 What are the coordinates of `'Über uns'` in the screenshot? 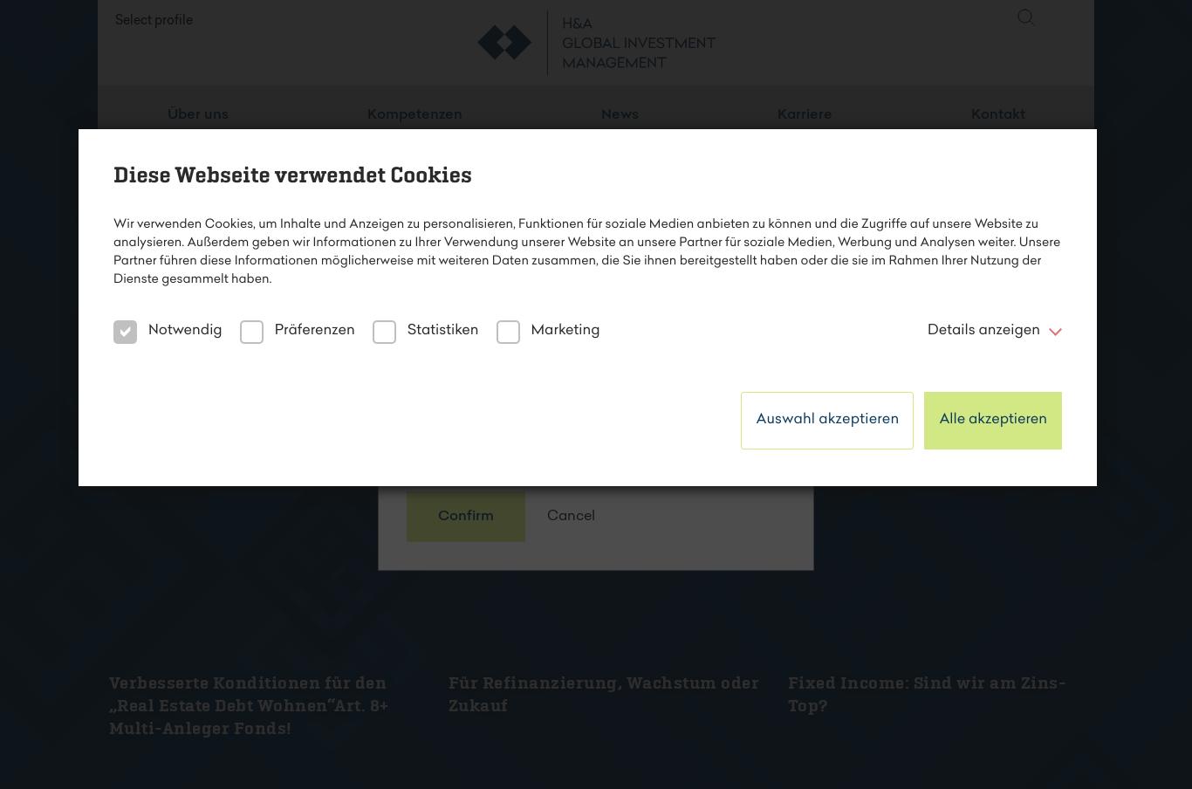 It's located at (195, 139).